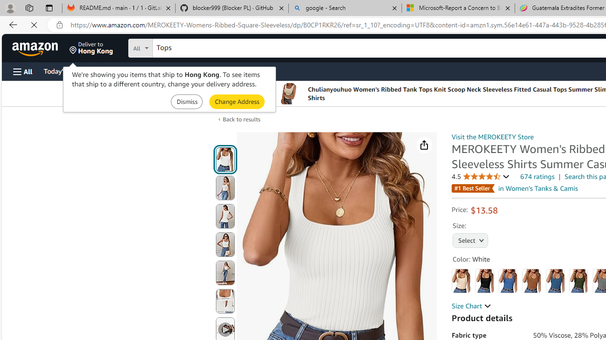 The height and width of the screenshot is (340, 606). I want to click on 'Beige', so click(461, 280).